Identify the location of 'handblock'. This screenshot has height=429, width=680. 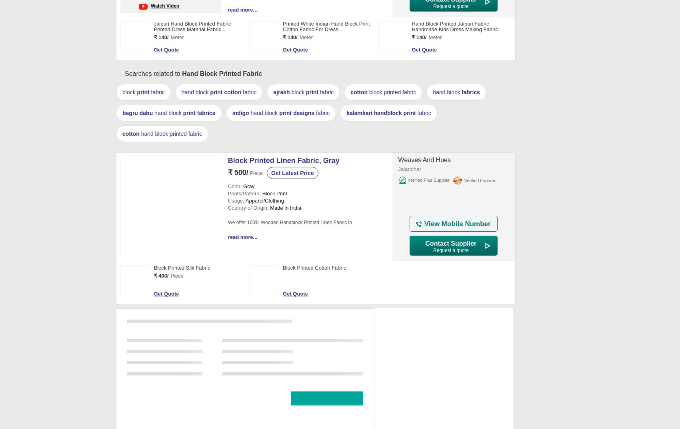
(387, 113).